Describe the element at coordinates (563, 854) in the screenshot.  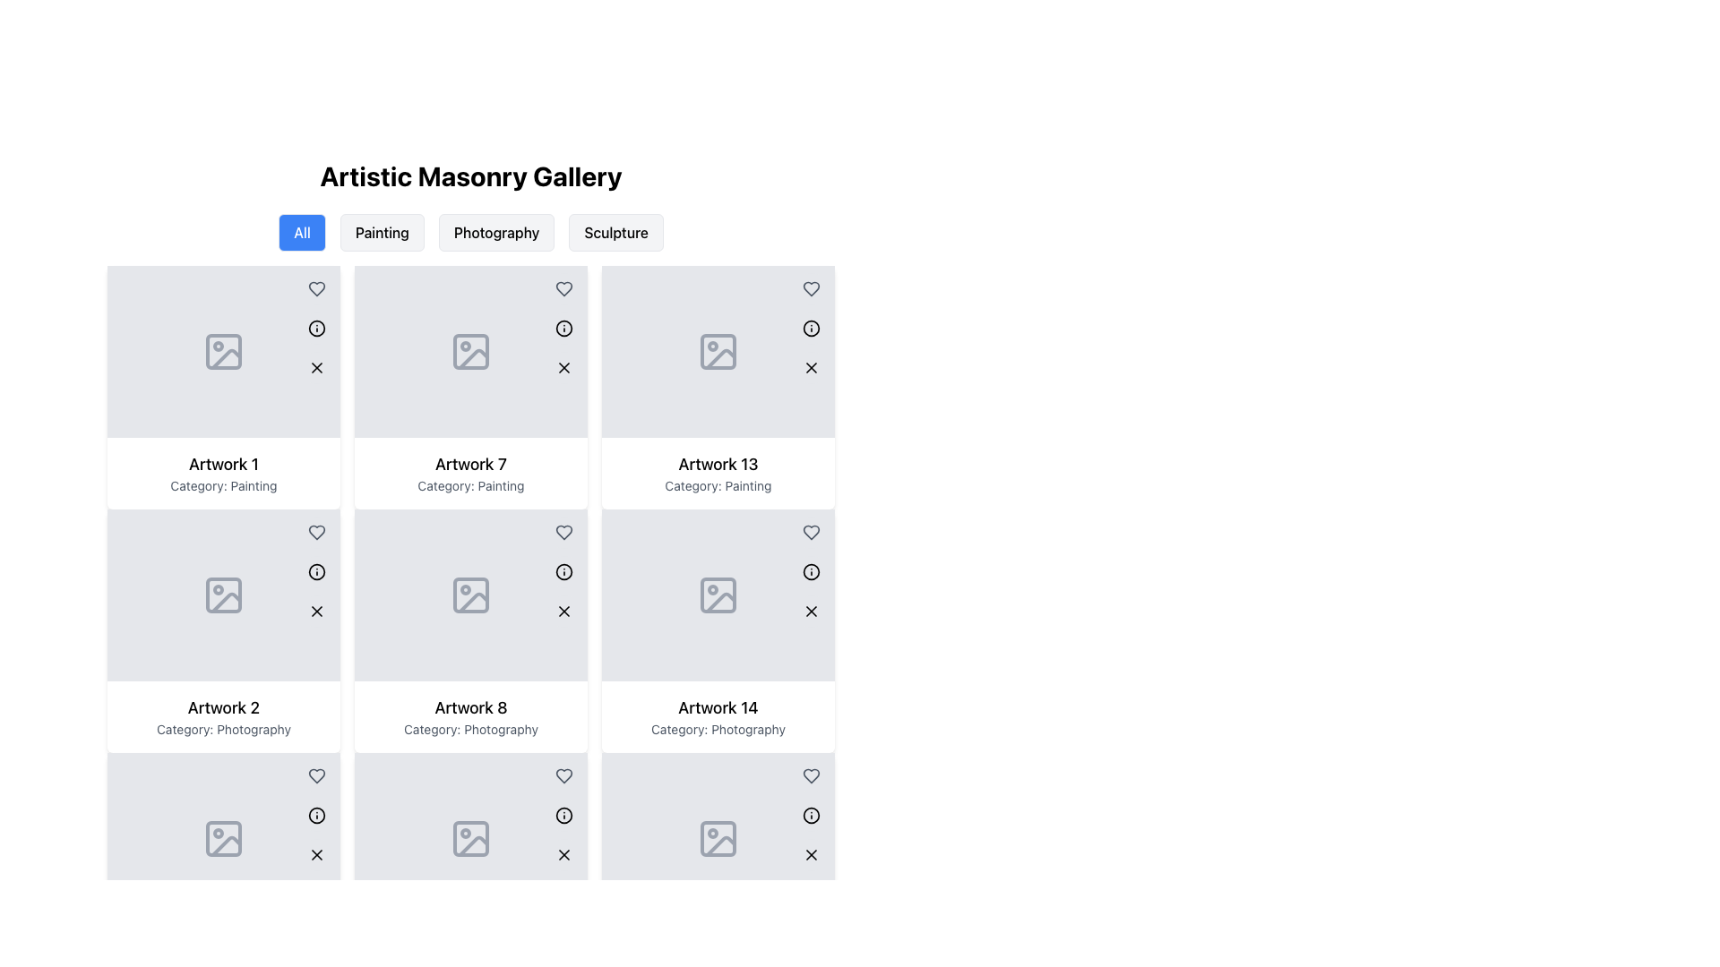
I see `the circular close button with a gray background and black 'X' symbol located at the bottom of the icon list on the 'Artwork 8' card` at that location.